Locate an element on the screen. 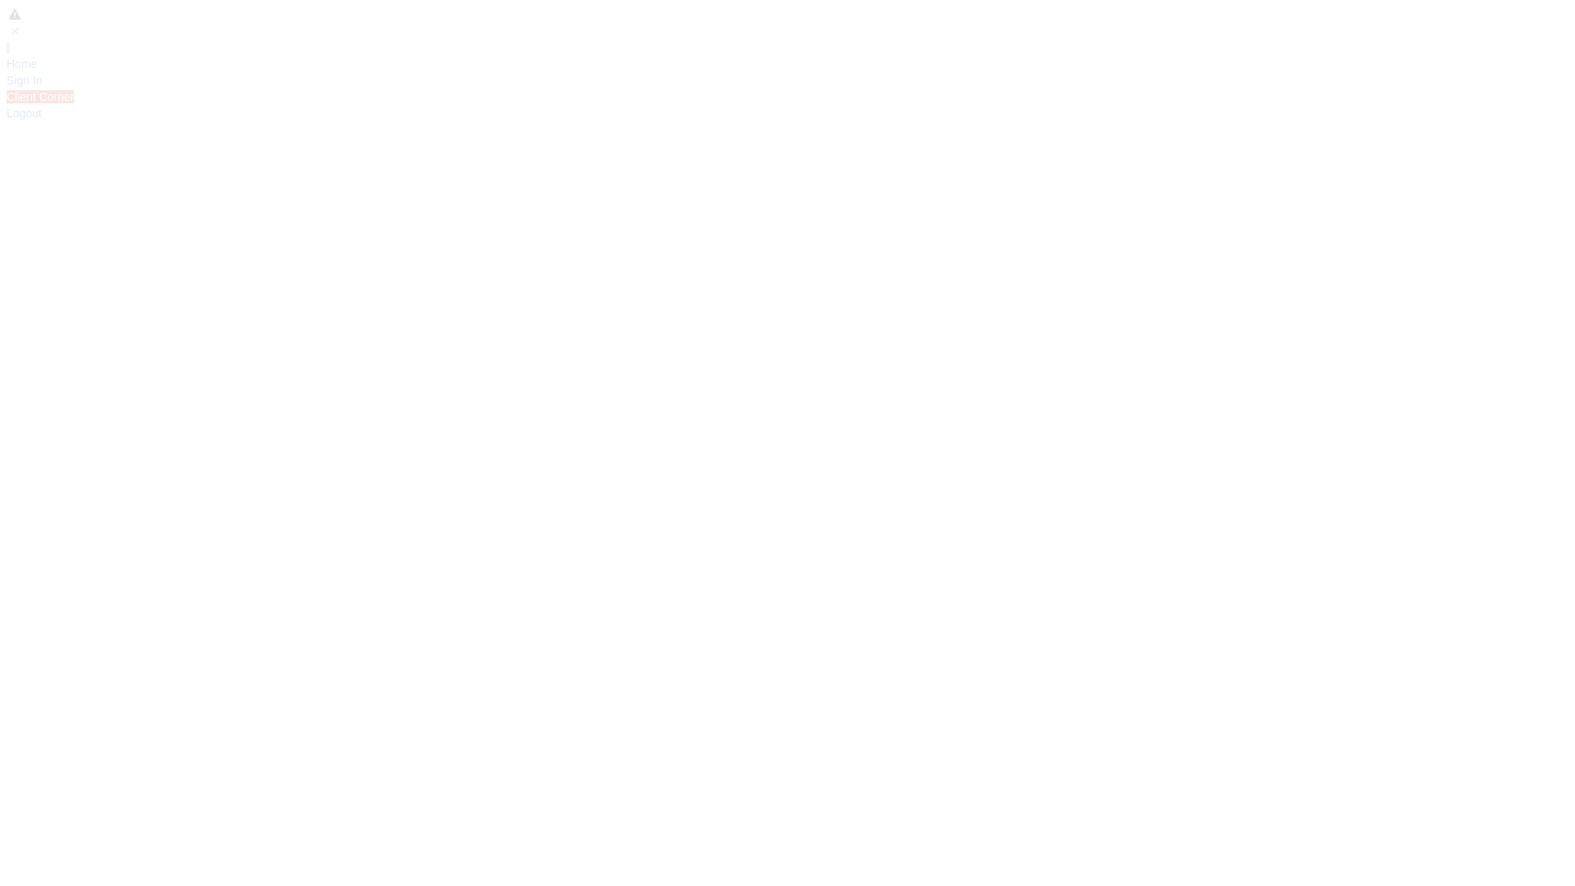 The width and height of the screenshot is (1575, 886). 'Logout' is located at coordinates (24, 112).